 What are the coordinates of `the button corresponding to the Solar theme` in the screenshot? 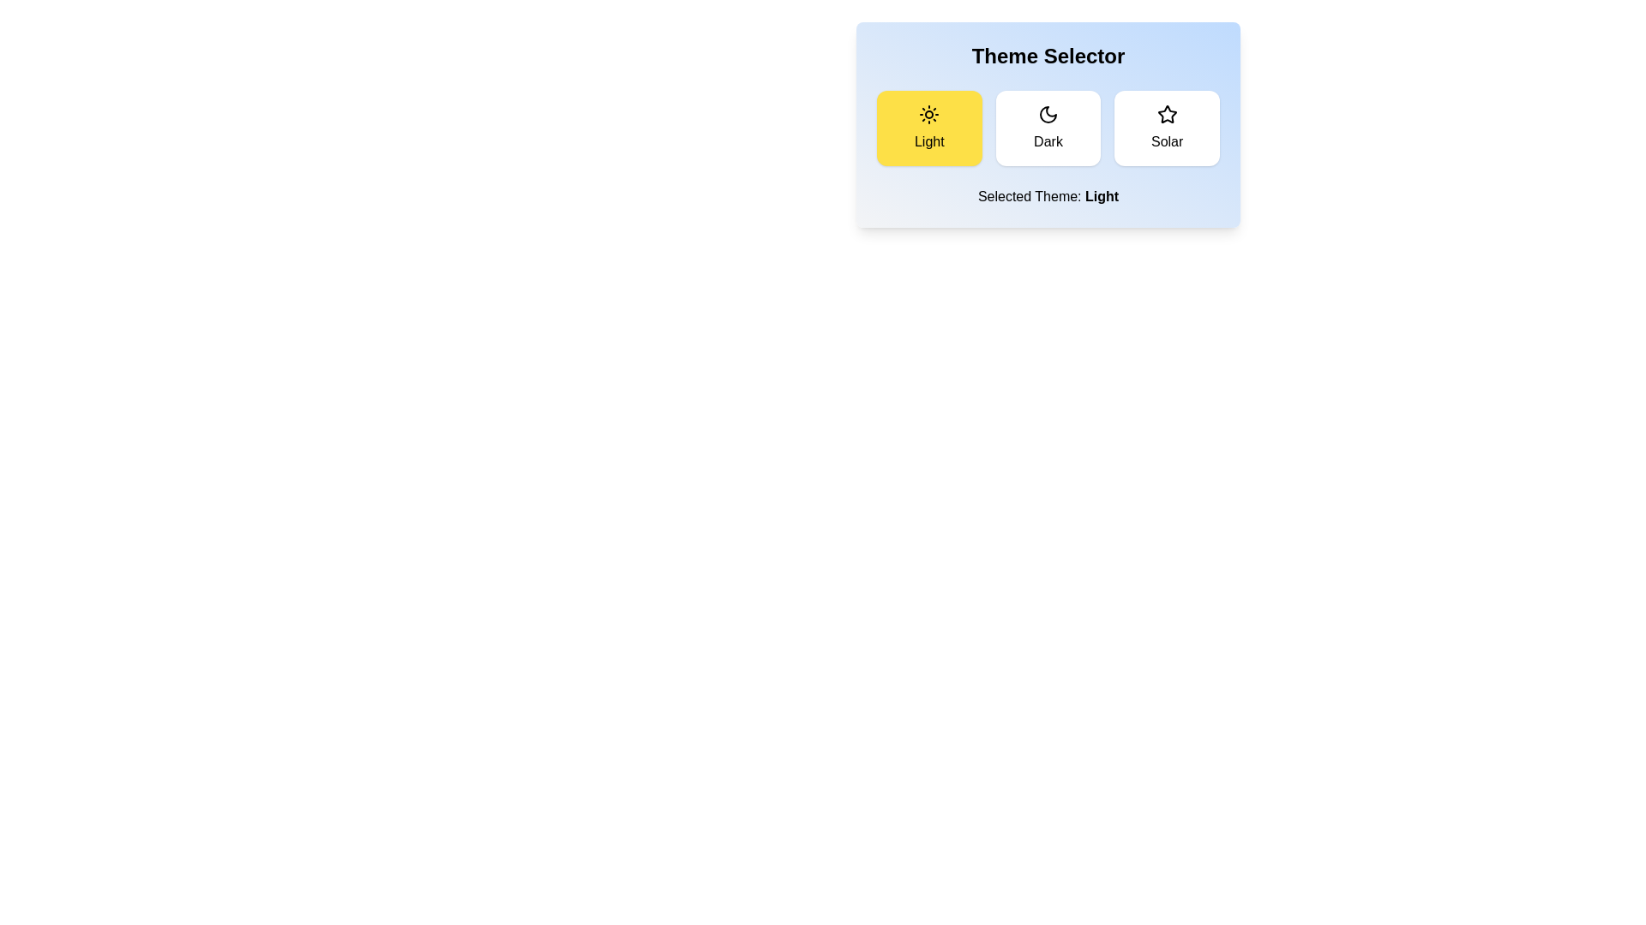 It's located at (1167, 128).